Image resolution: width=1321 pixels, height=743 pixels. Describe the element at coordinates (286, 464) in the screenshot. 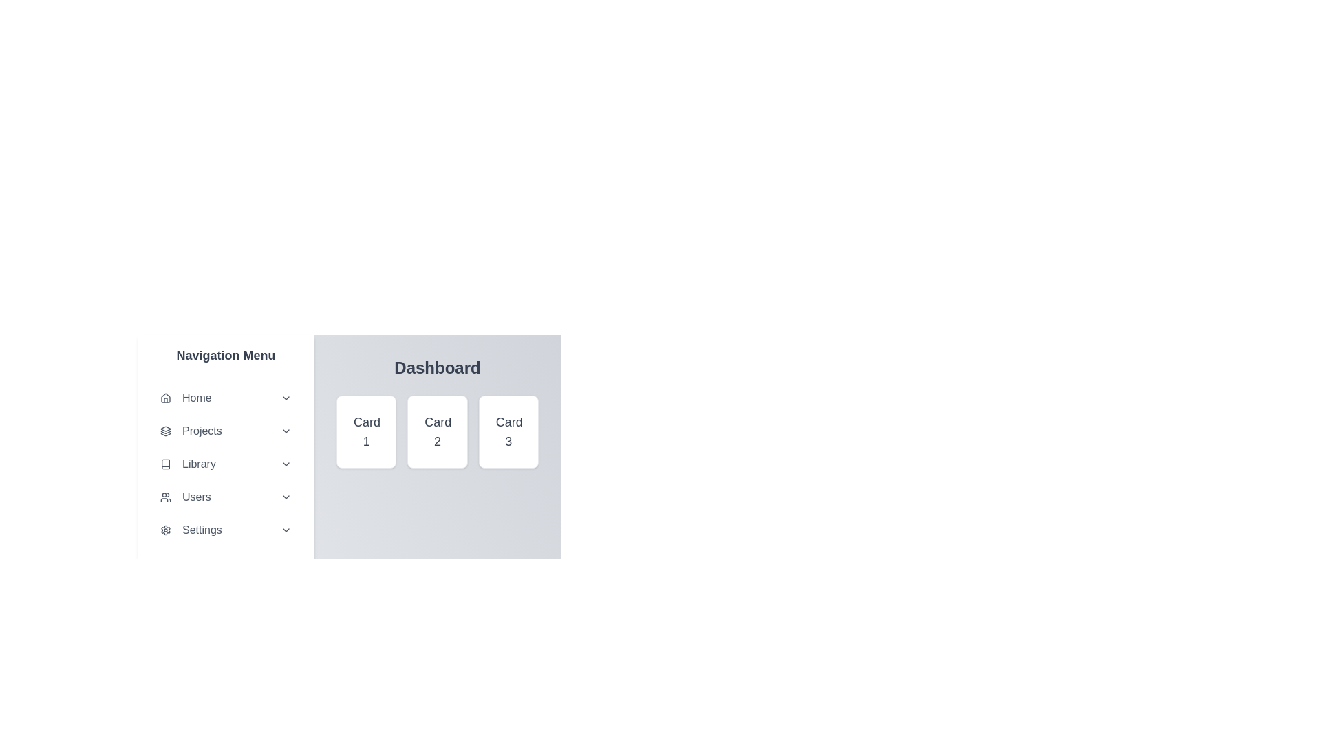

I see `the chevron-down icon at the far-right of the 'Library' menu item` at that location.